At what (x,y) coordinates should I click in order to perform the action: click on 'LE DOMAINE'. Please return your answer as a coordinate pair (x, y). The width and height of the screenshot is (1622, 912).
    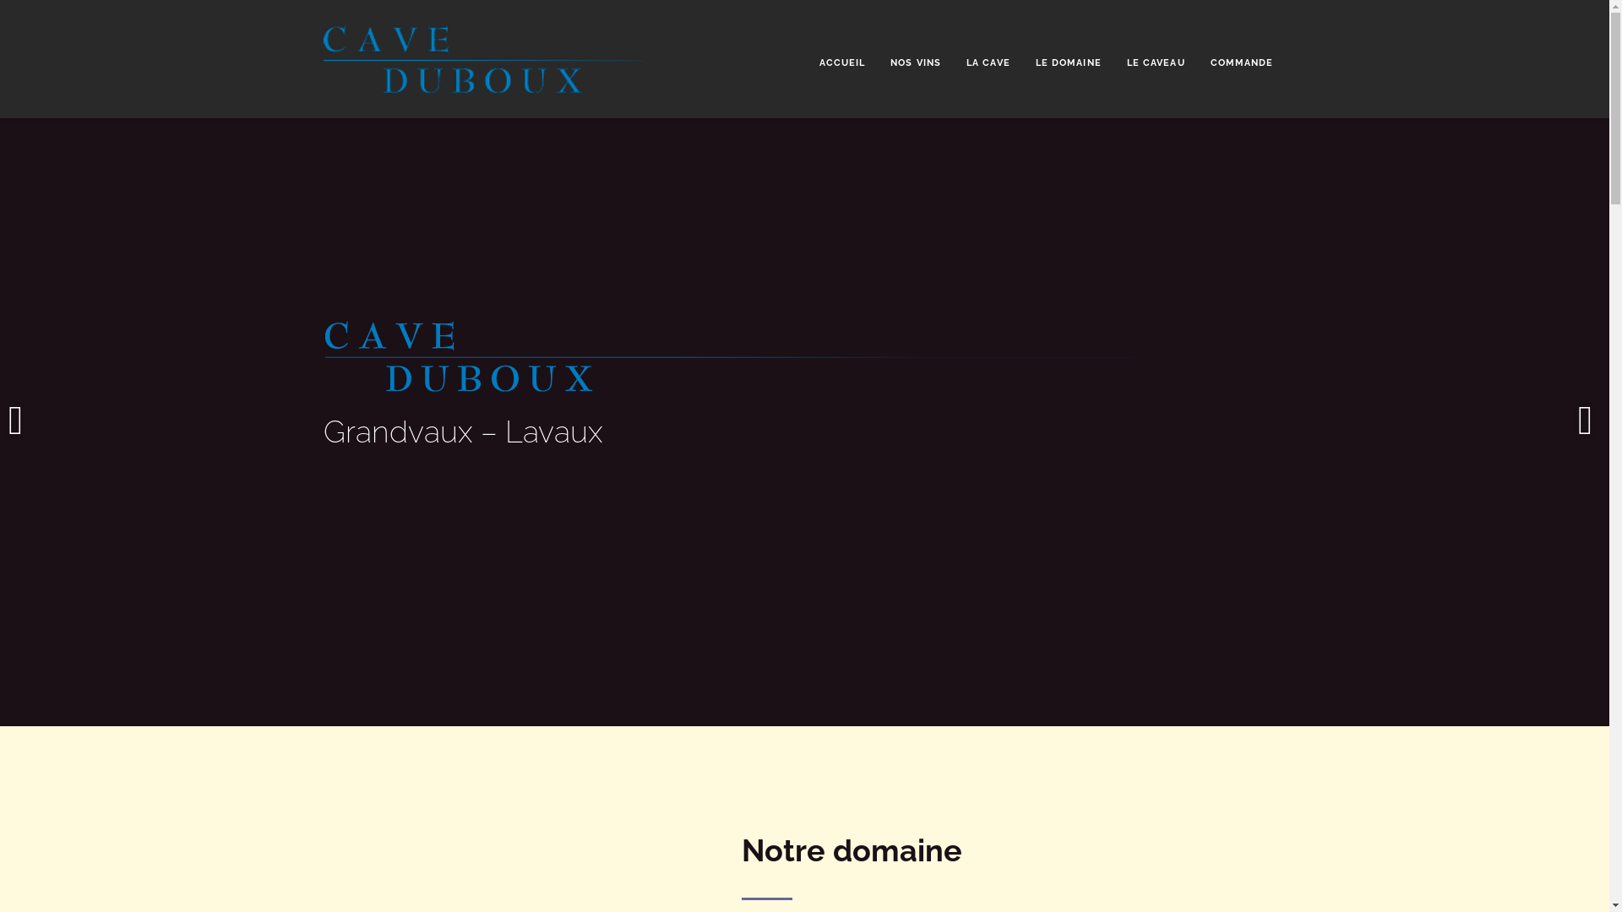
    Looking at the image, I should click on (1068, 63).